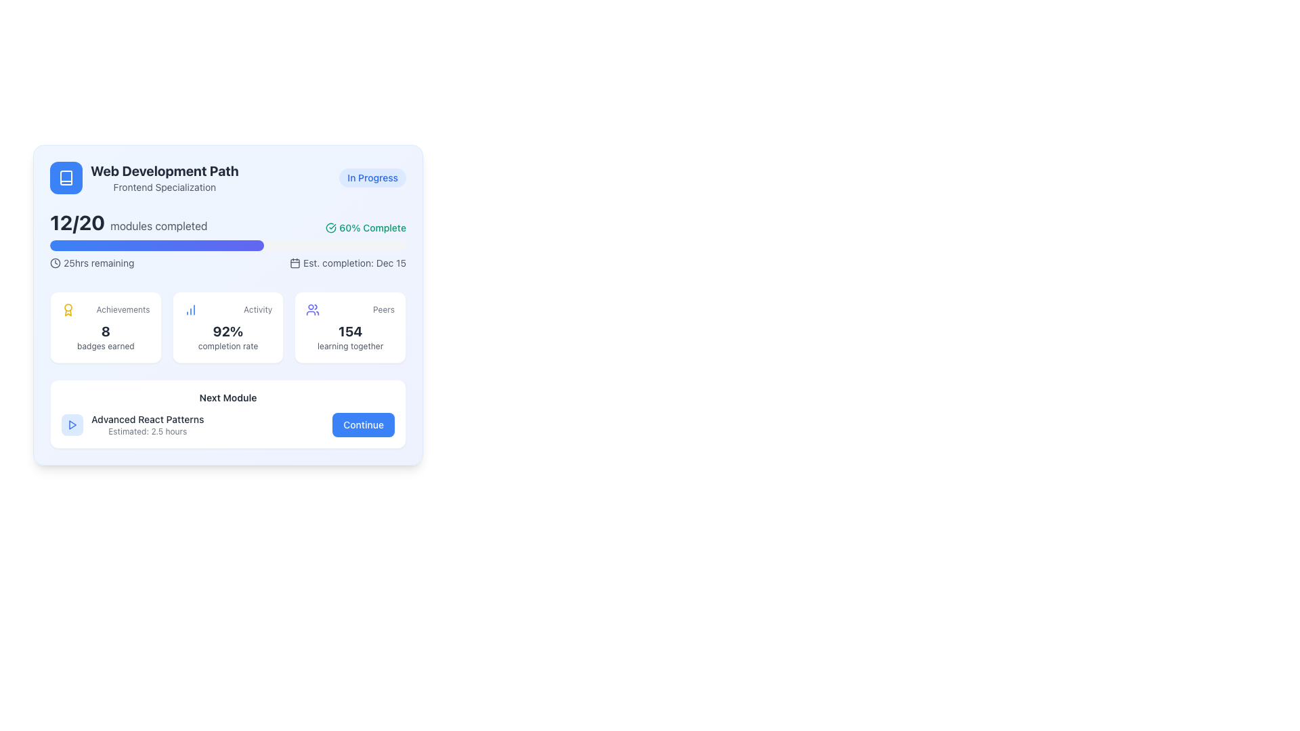 Image resolution: width=1300 pixels, height=731 pixels. What do you see at coordinates (67, 310) in the screenshot?
I see `the small circular award badge icon with a yellow color and dark outline located in the top-left corner of the 'Achievements' section` at bounding box center [67, 310].